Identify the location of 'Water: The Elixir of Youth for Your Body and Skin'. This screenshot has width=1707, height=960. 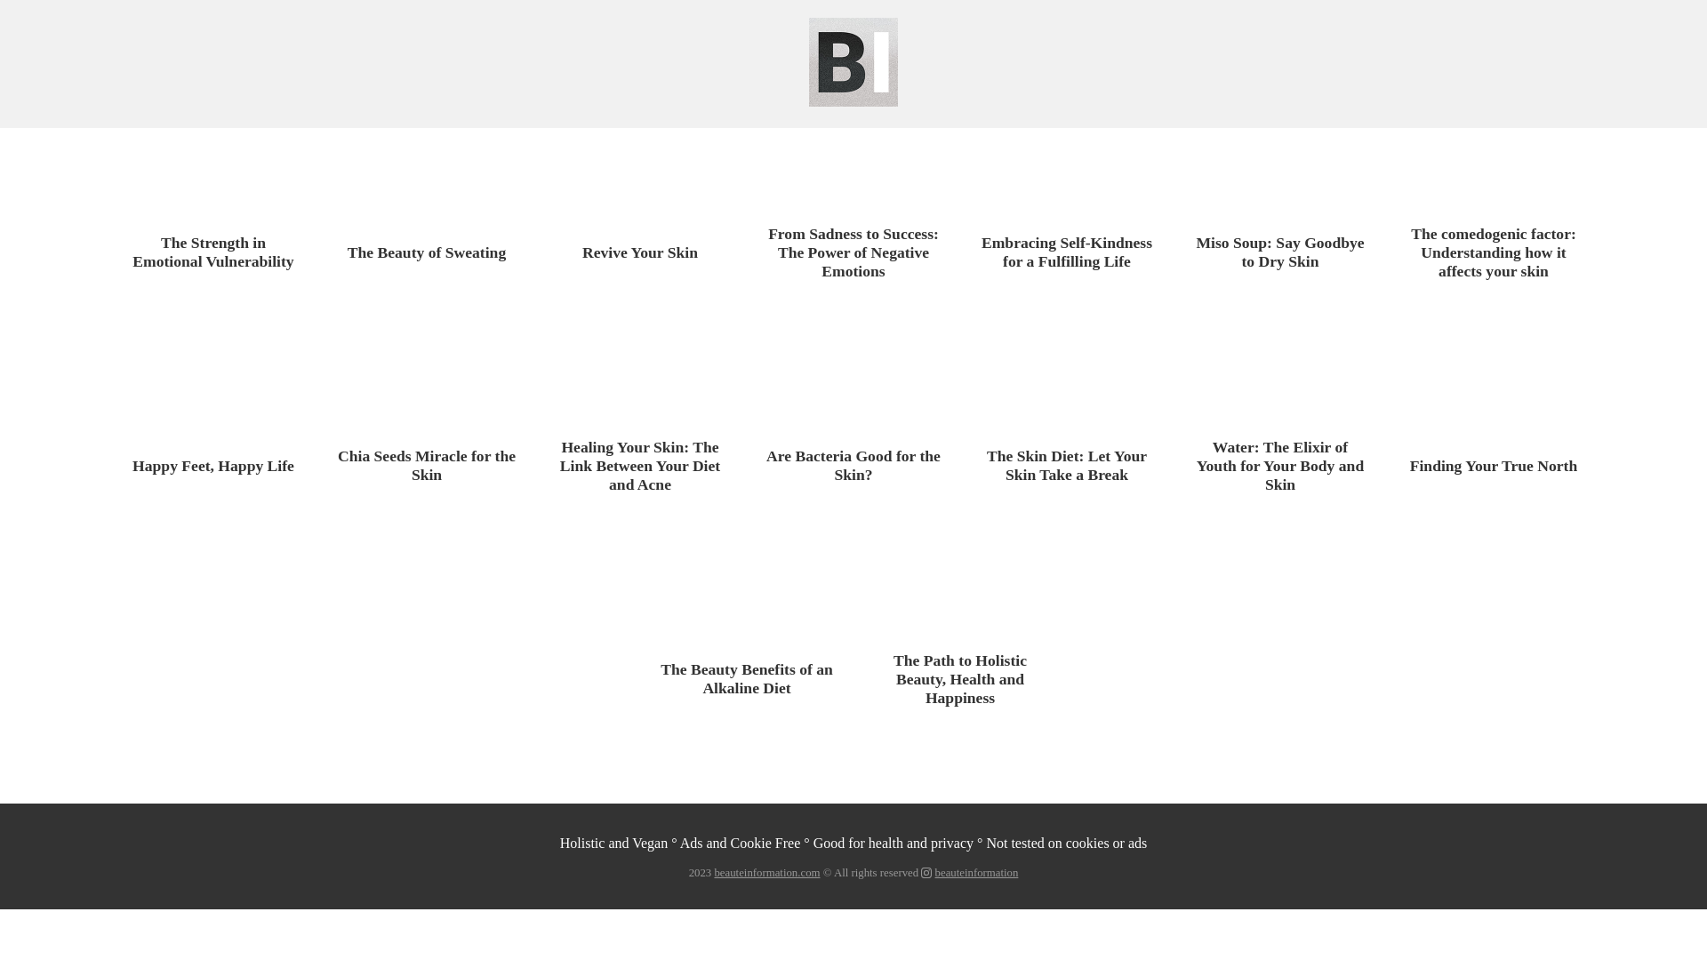
(1190, 464).